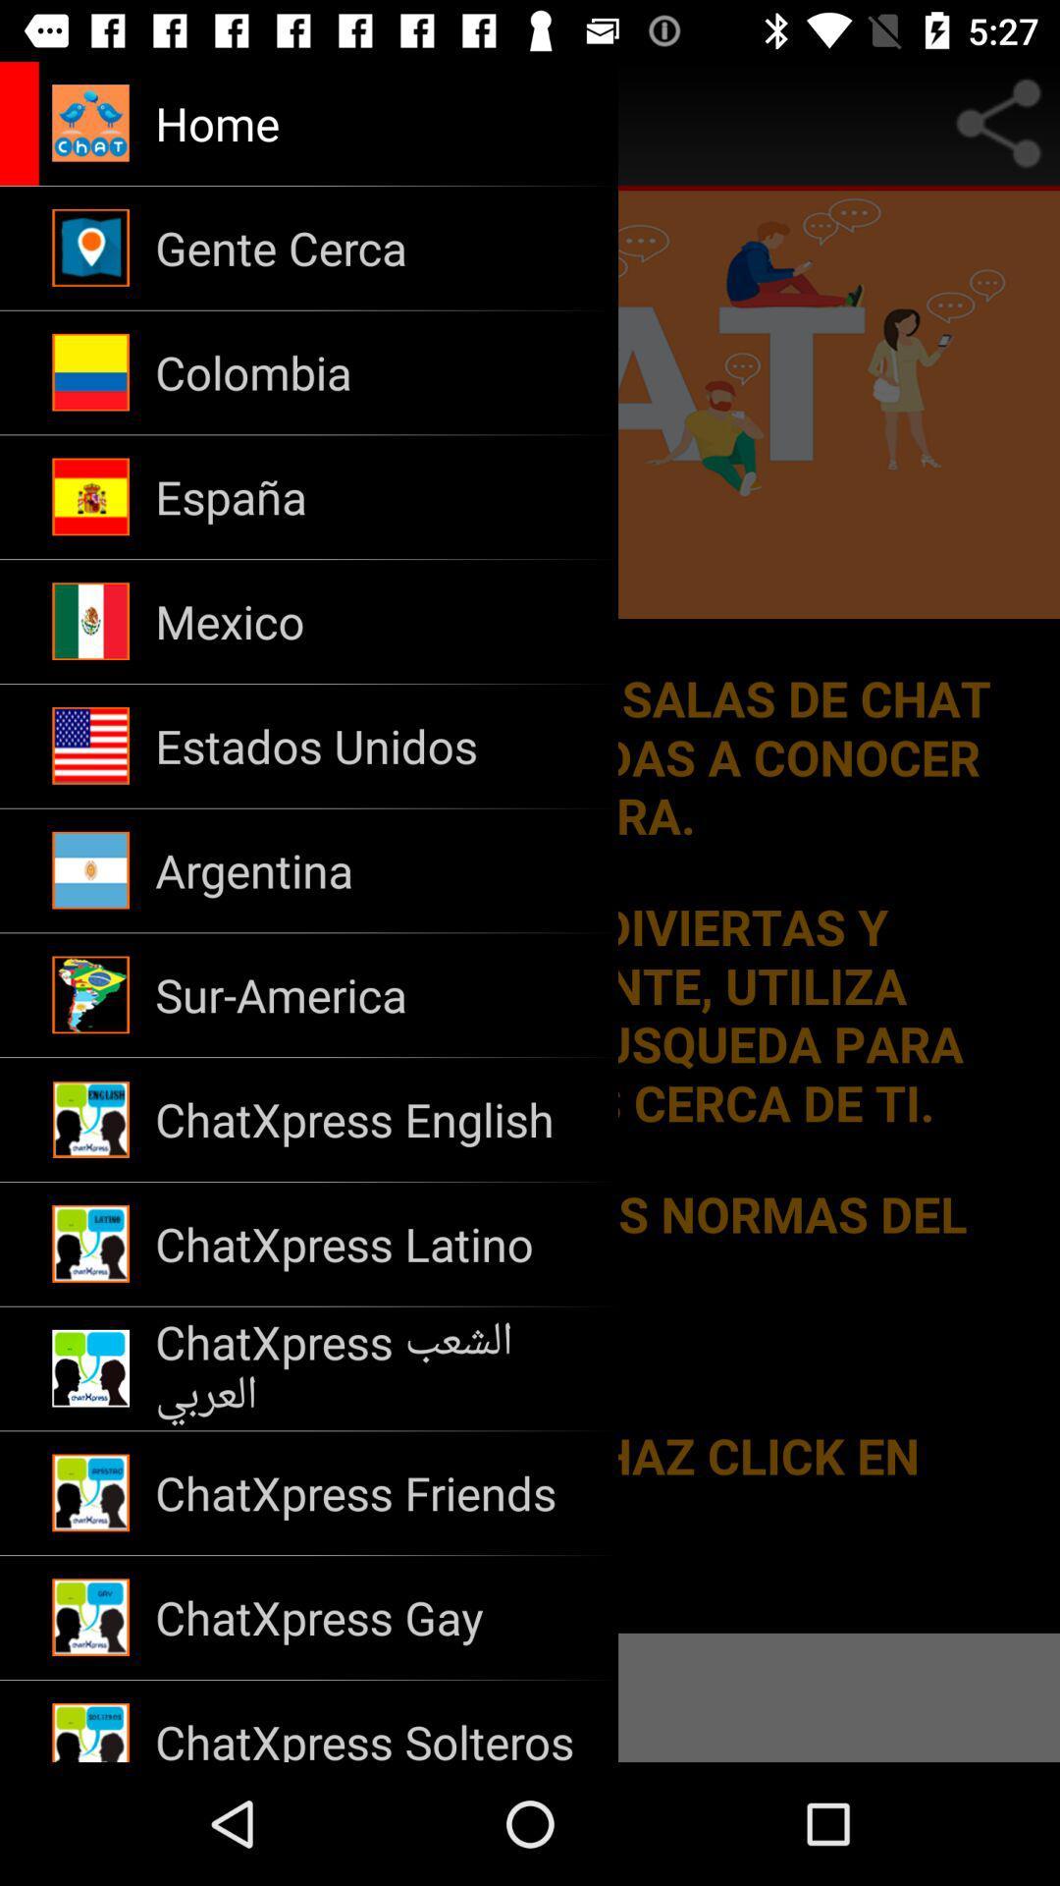 The width and height of the screenshot is (1060, 1886). I want to click on navigate to home page, so click(231, 122).